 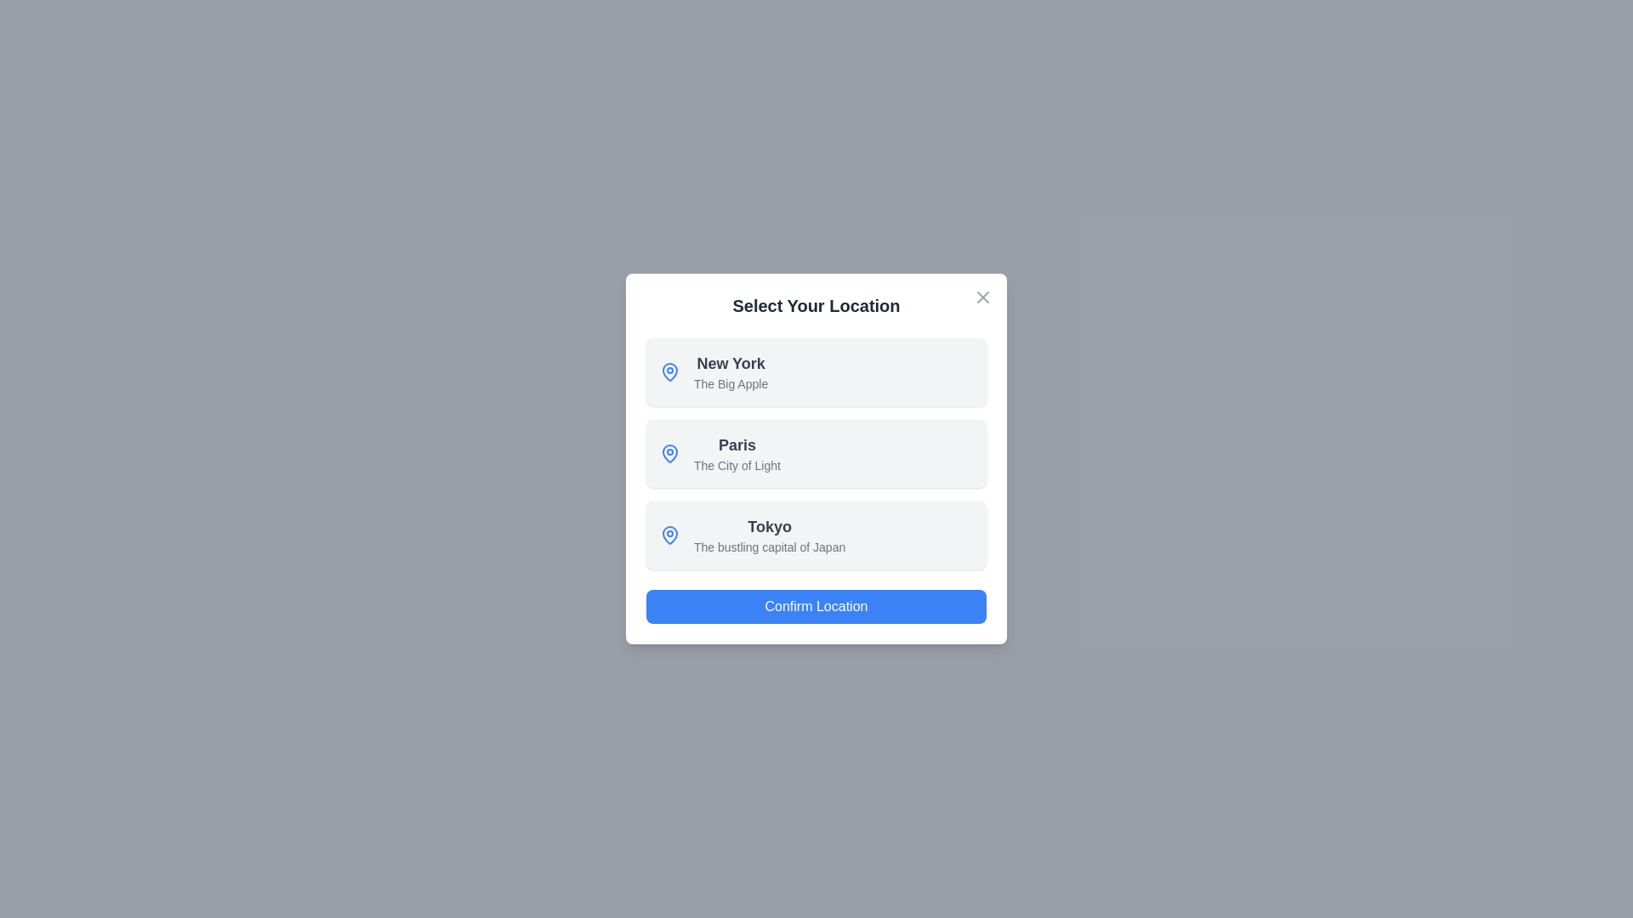 I want to click on the location item corresponding to New York, so click(x=816, y=371).